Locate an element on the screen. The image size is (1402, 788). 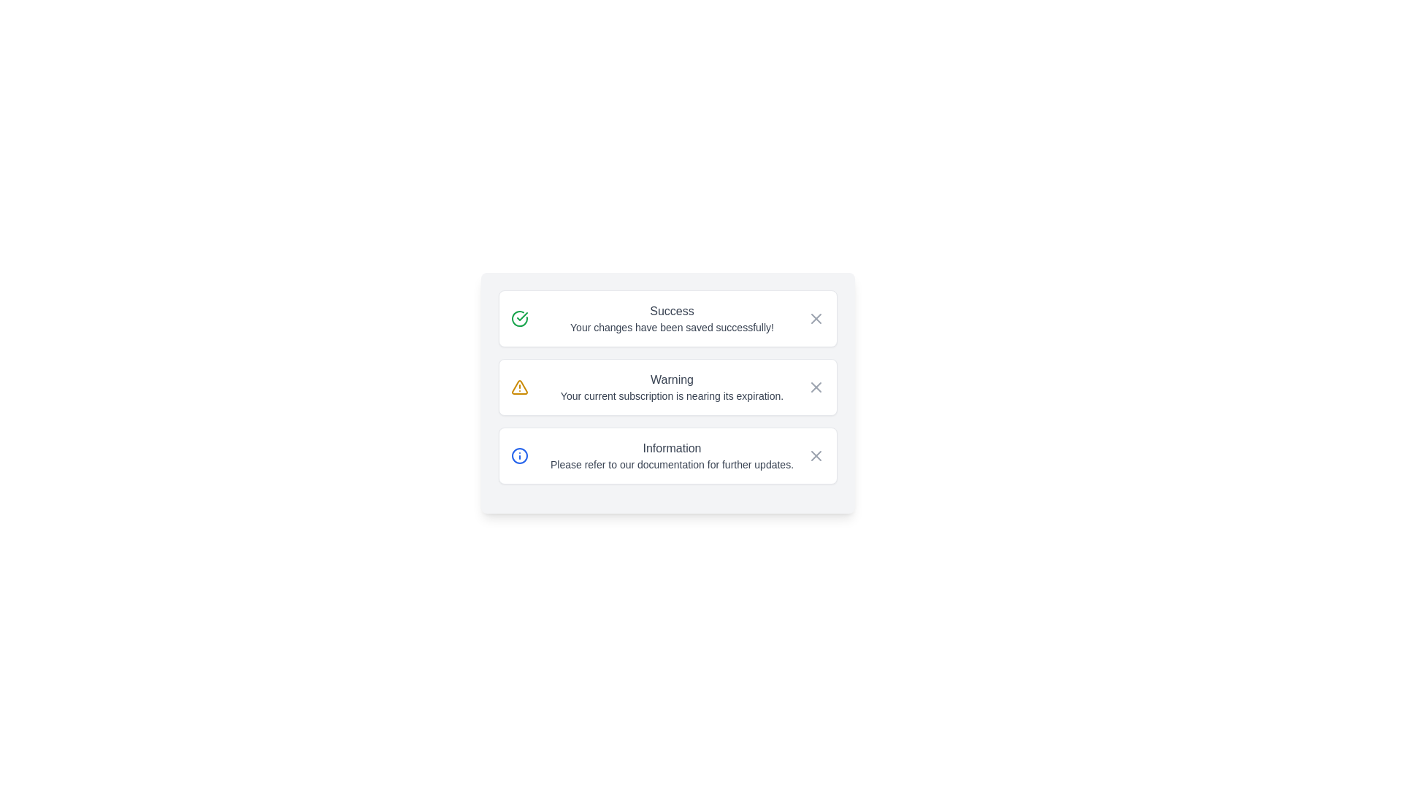
the green curved segment of the circular icon located to the left of the 'Success' message in the first notification item is located at coordinates (519, 317).